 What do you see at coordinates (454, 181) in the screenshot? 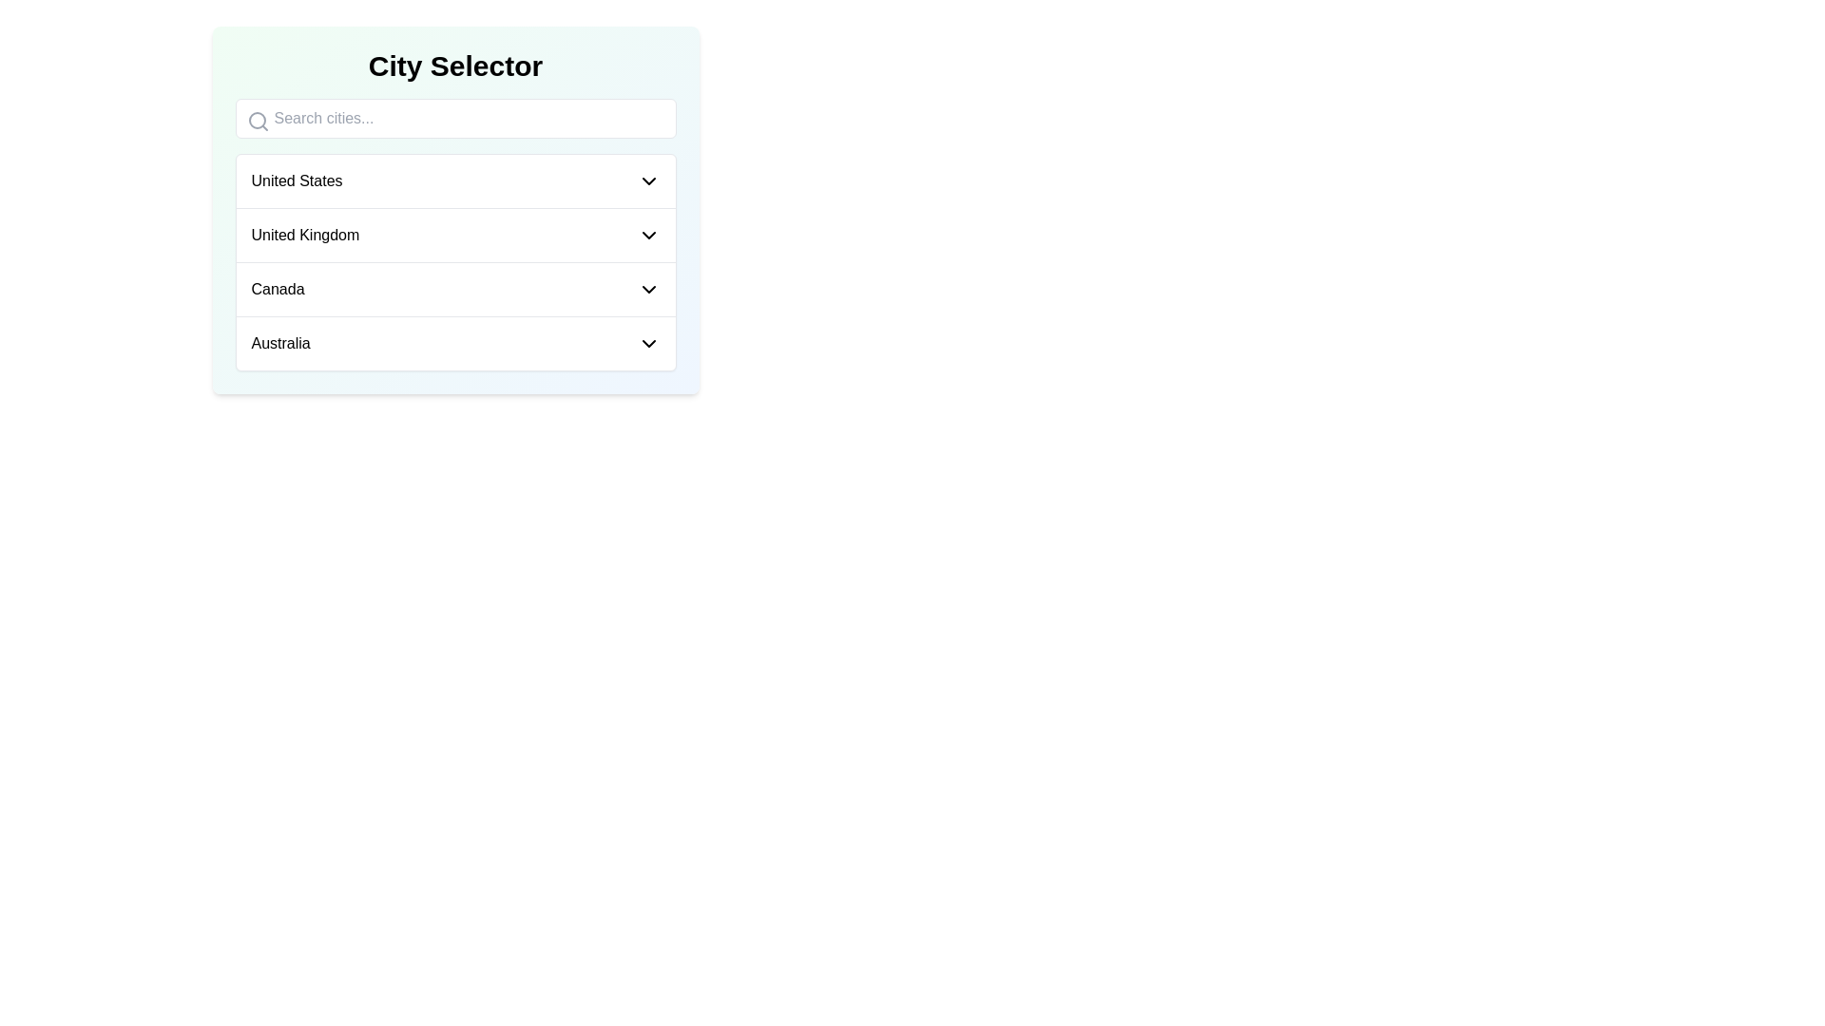
I see `the first entry of the list option row labeled 'United States' for keyboard navigation in the 'City Selector' dialog` at bounding box center [454, 181].